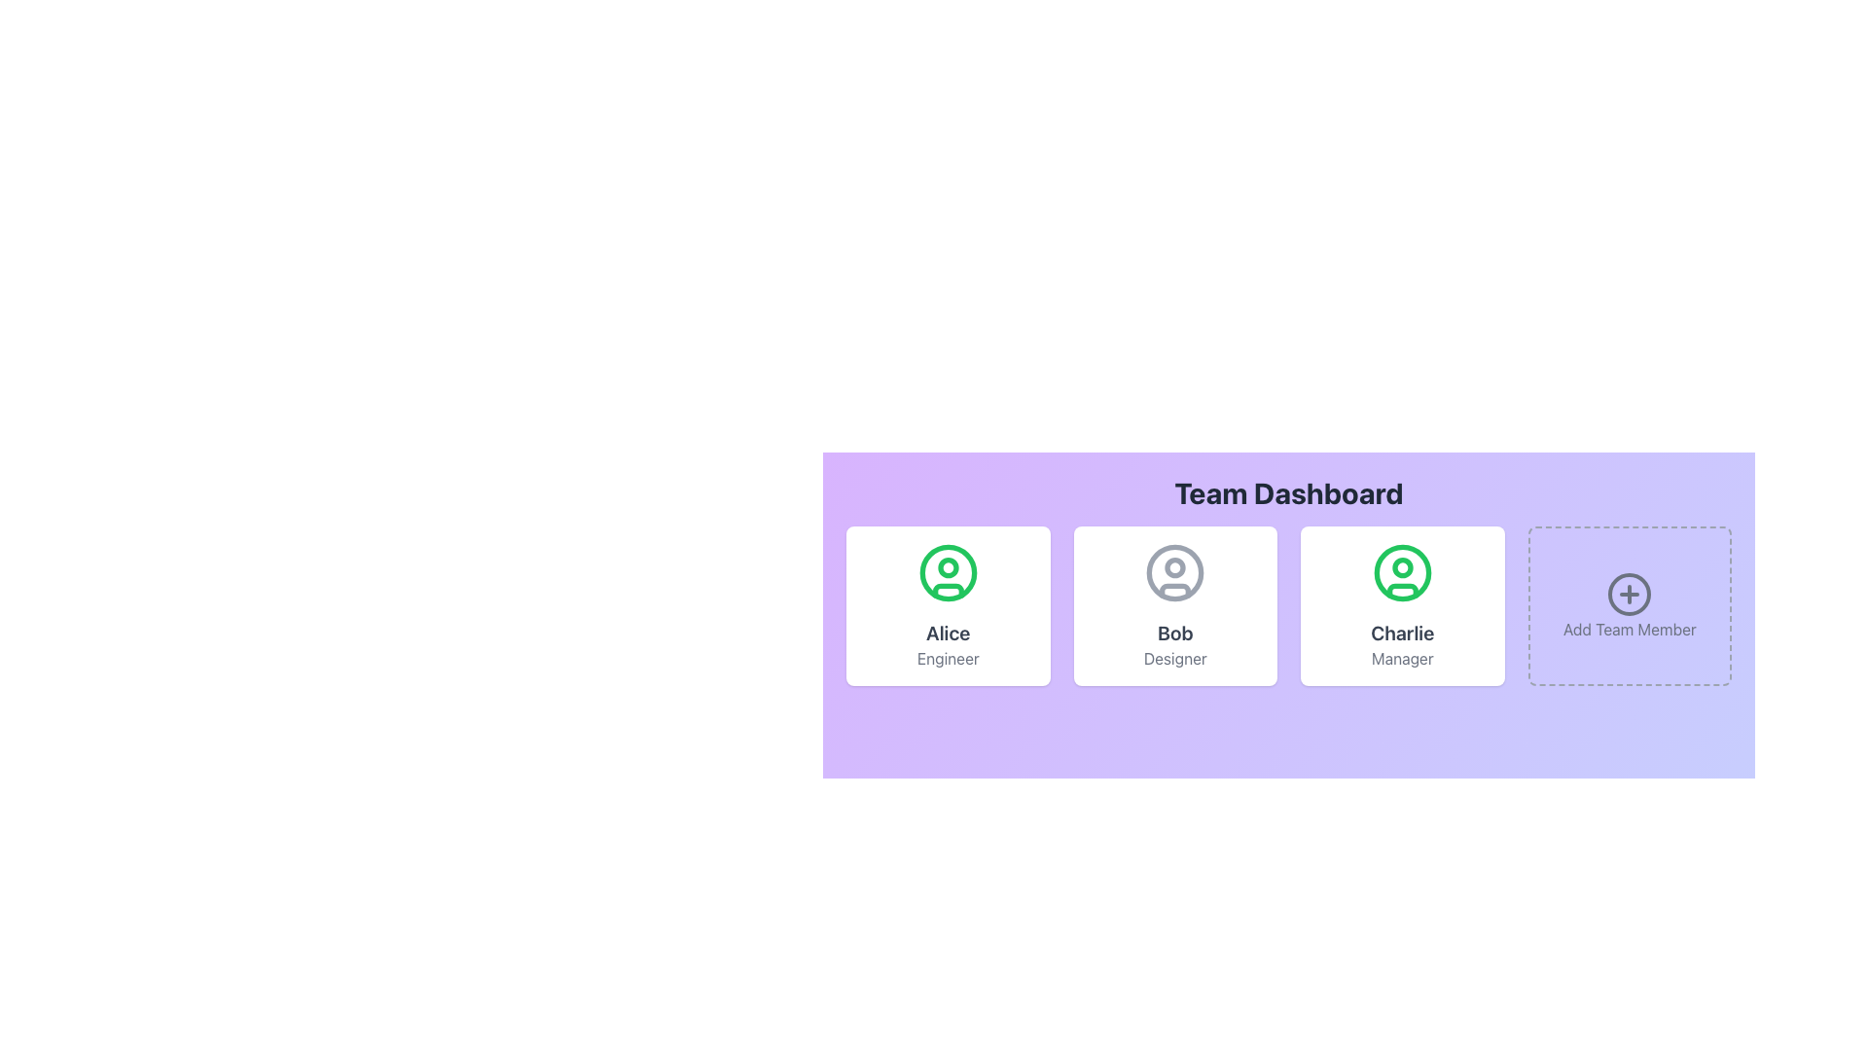 The height and width of the screenshot is (1051, 1868). What do you see at coordinates (1174, 634) in the screenshot?
I see `text label displaying 'Bob' which is centrally positioned at the bottom of the user profile card, located directly above the text 'Designer'` at bounding box center [1174, 634].